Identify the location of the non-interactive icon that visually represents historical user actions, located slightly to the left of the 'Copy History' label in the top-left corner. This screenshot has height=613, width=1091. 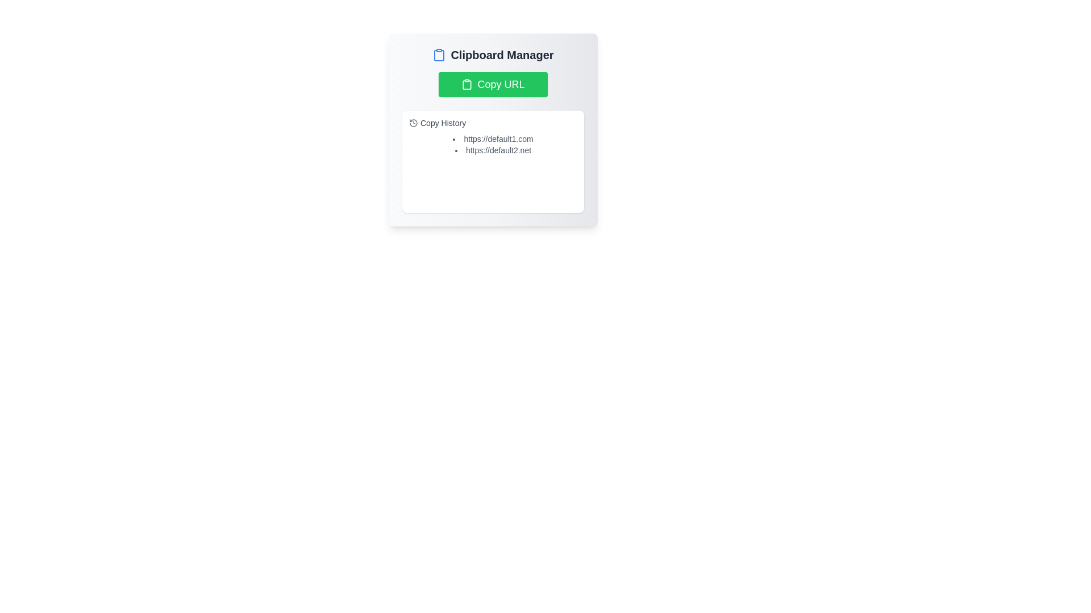
(413, 123).